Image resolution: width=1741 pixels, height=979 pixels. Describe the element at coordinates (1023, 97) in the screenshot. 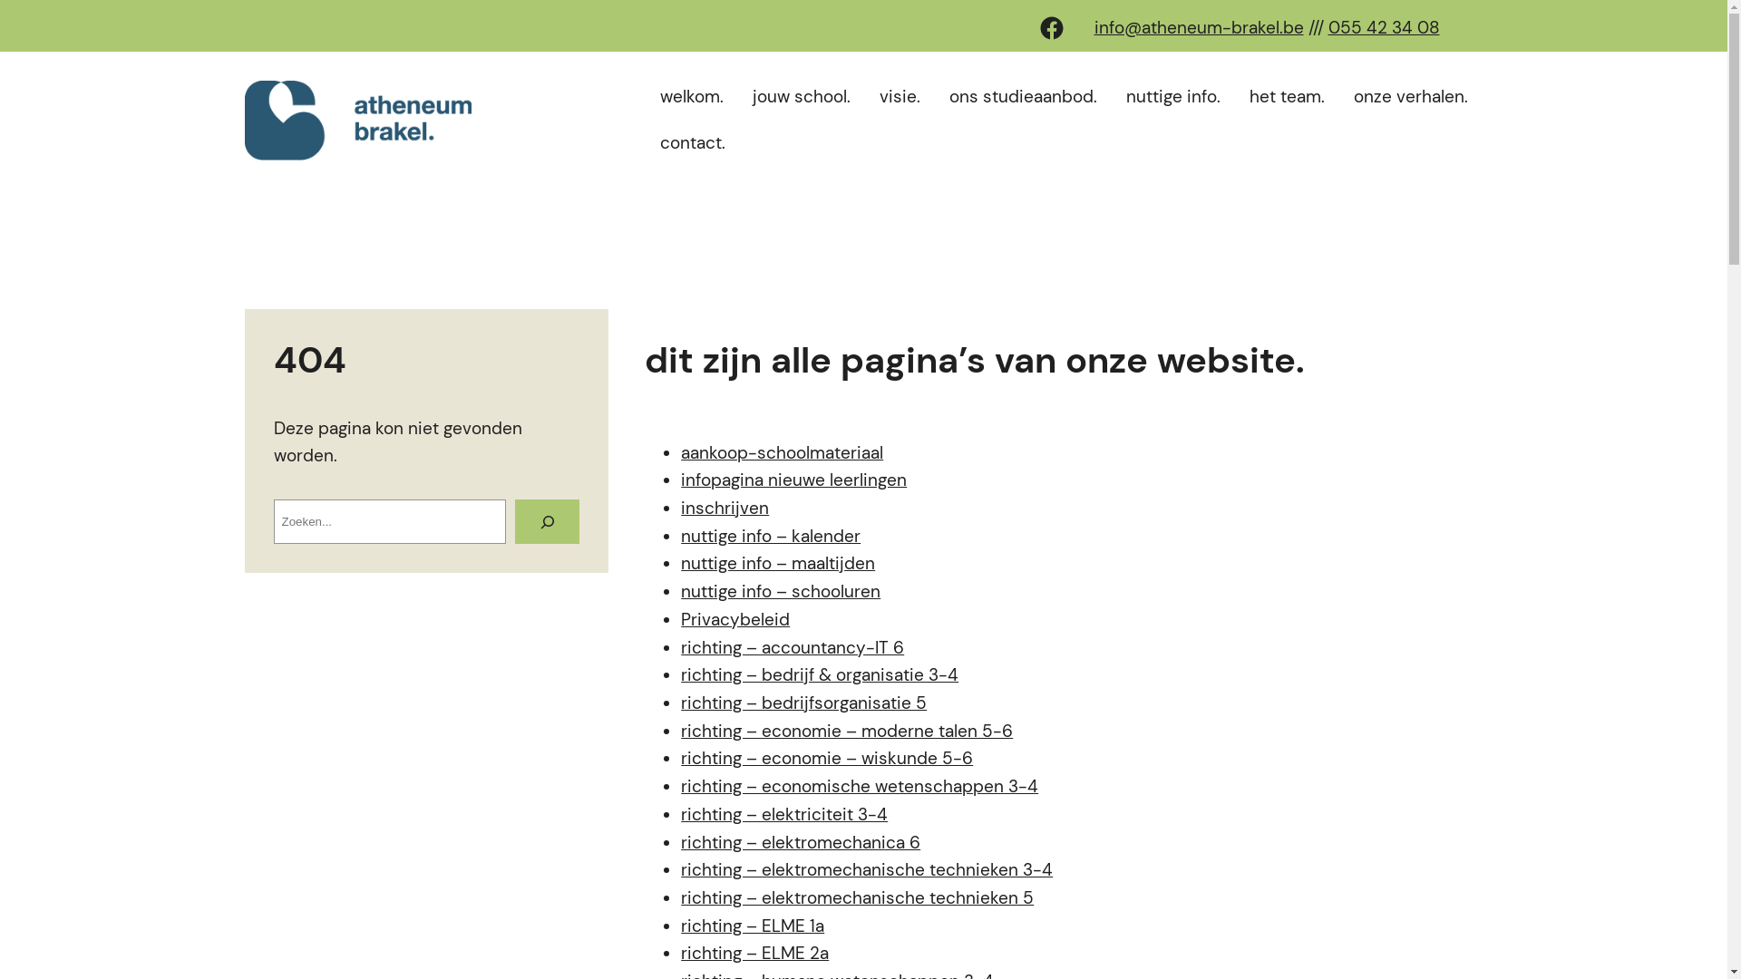

I see `'ons studieaanbod.'` at that location.